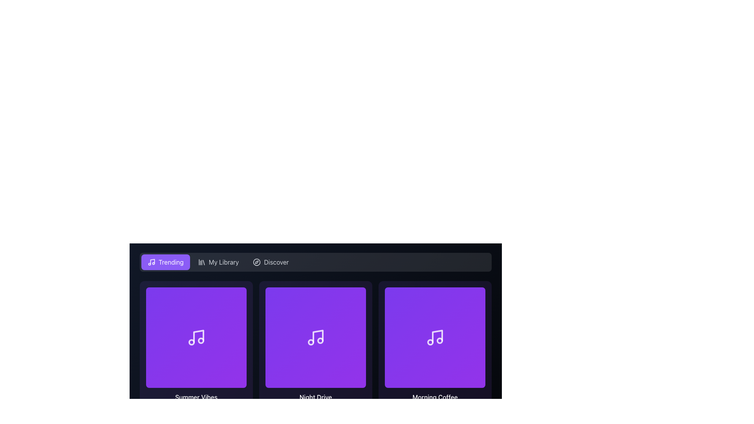 The image size is (754, 424). I want to click on the music icon located at the center of the square tile with a gradient purple background, so click(316, 337).